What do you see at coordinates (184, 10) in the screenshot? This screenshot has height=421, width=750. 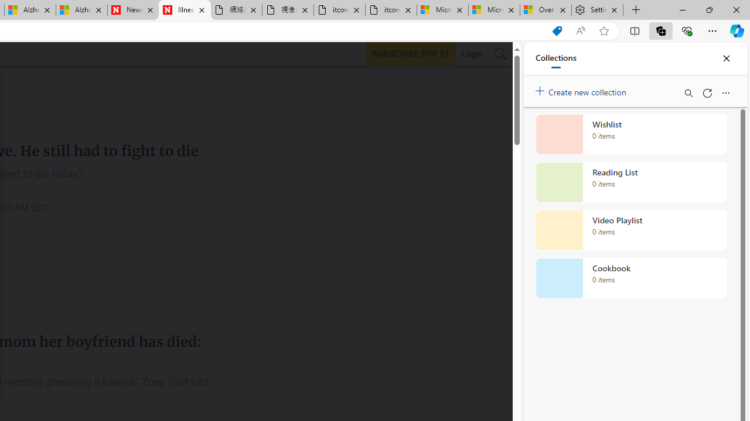 I see `'Illness news & latest pictures from Newsweek.com'` at bounding box center [184, 10].